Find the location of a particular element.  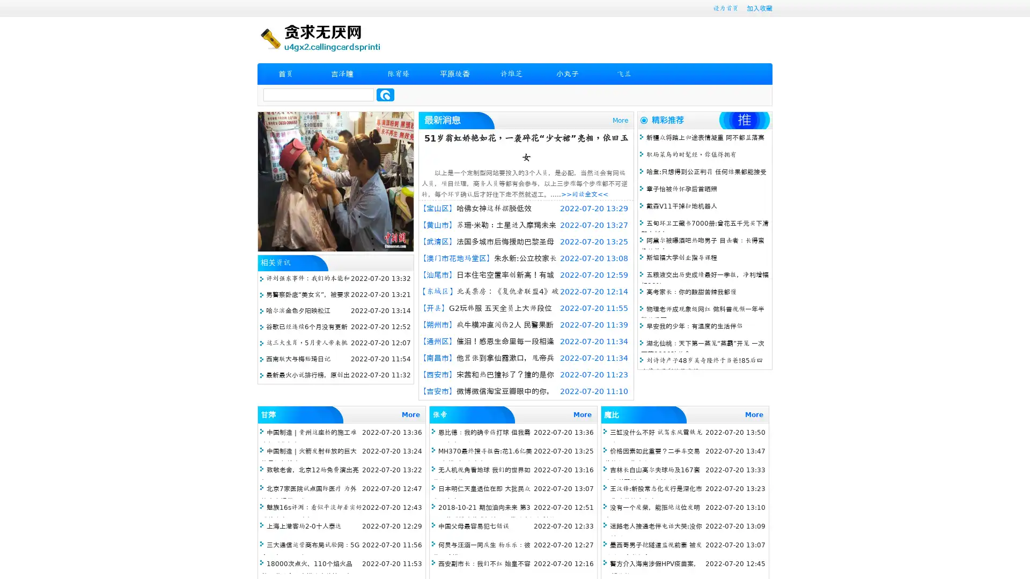

Search is located at coordinates (385, 94).